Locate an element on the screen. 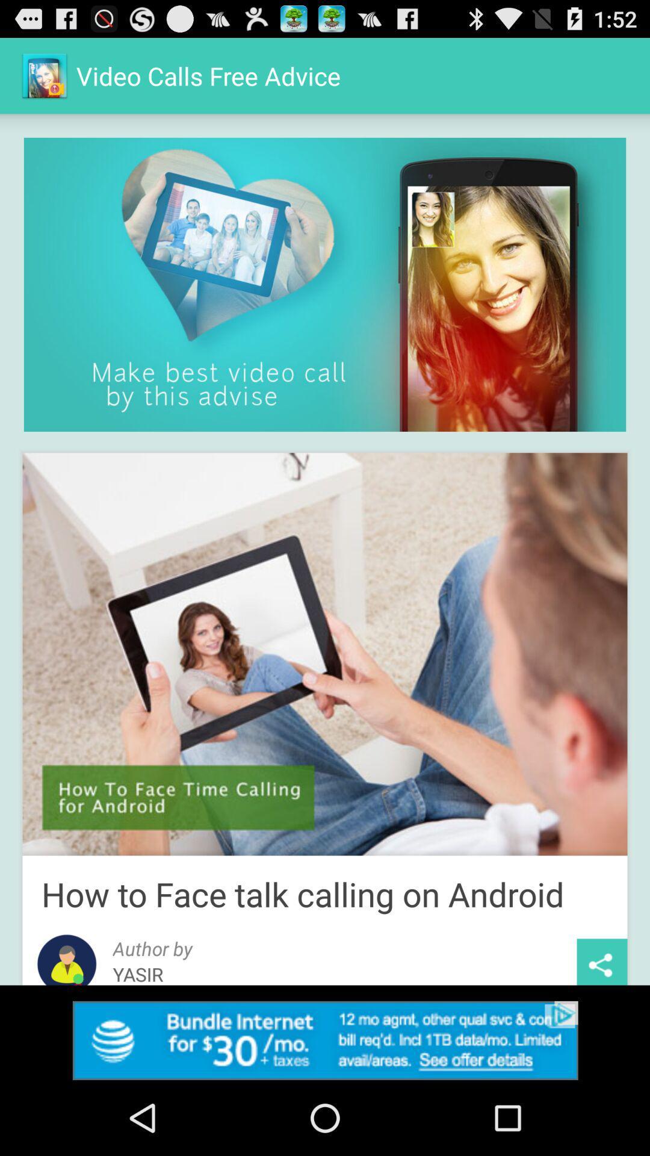  advertisement link is located at coordinates (325, 1040).